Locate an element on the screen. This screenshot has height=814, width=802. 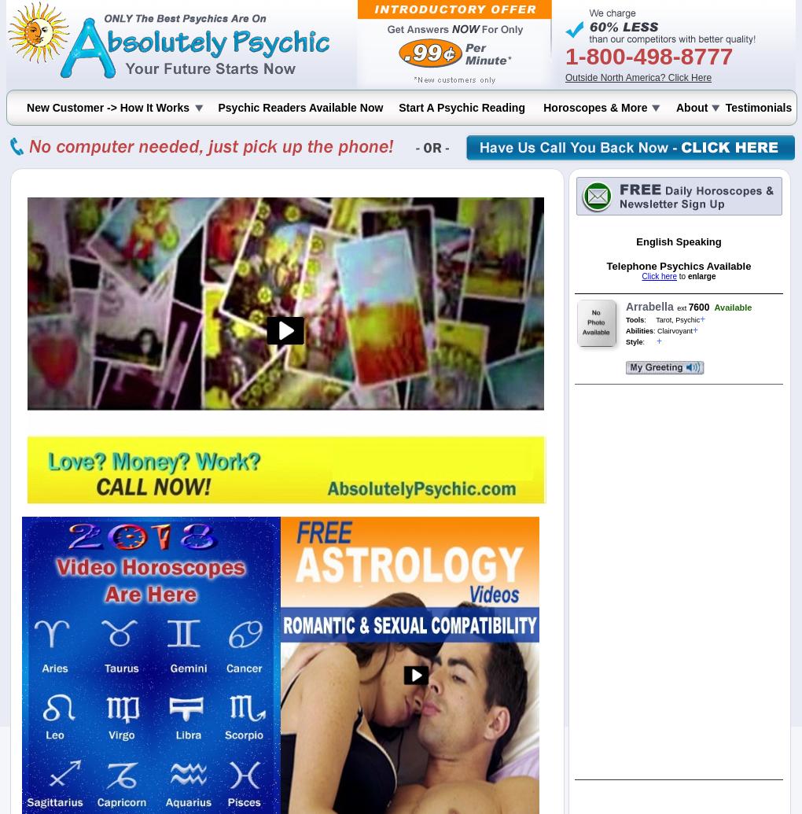
'1-800-498-8777' is located at coordinates (649, 56).